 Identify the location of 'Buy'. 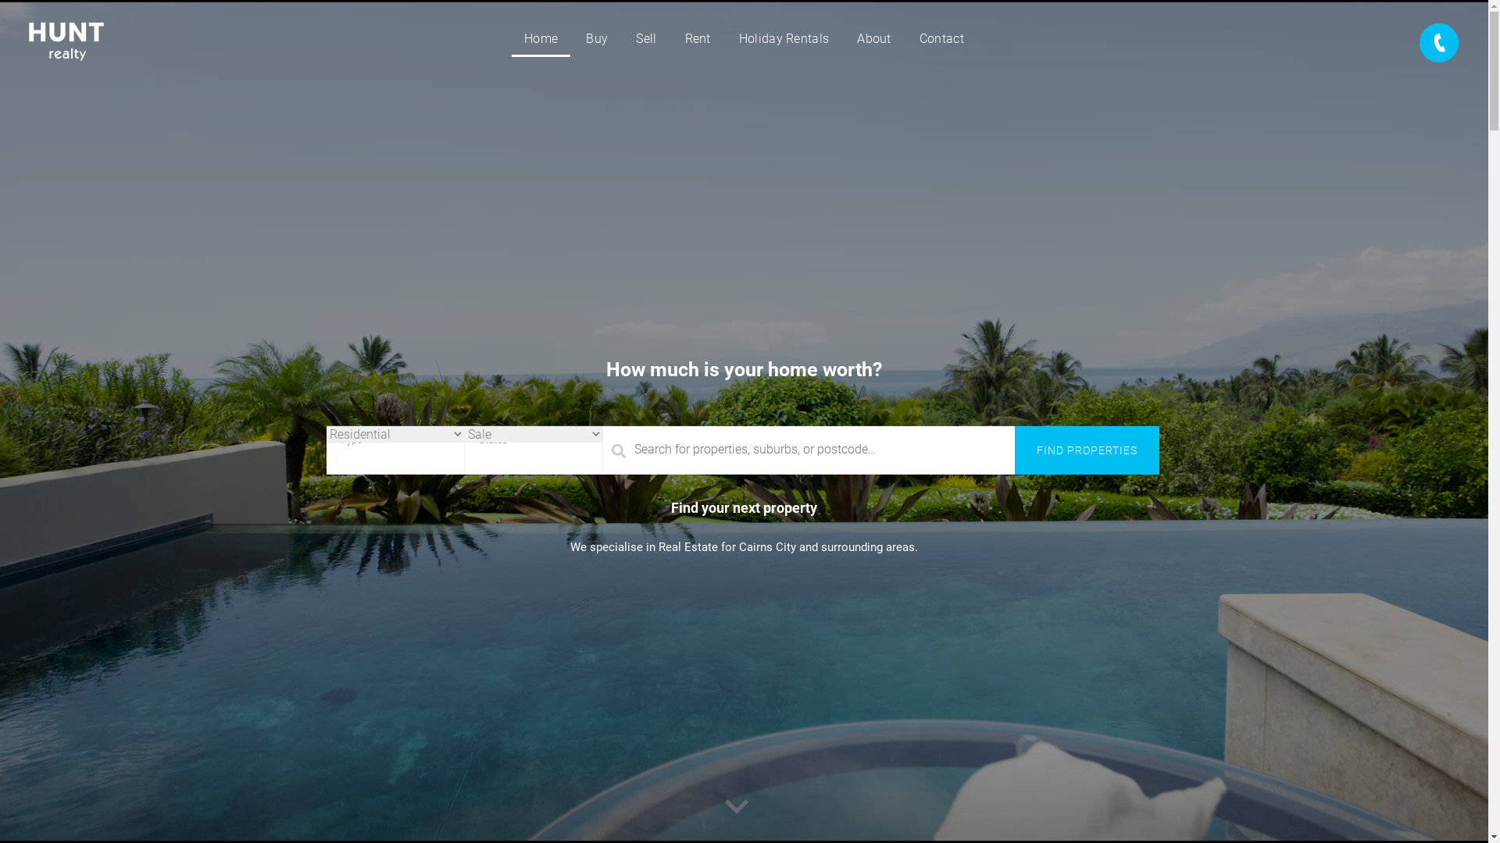
(595, 38).